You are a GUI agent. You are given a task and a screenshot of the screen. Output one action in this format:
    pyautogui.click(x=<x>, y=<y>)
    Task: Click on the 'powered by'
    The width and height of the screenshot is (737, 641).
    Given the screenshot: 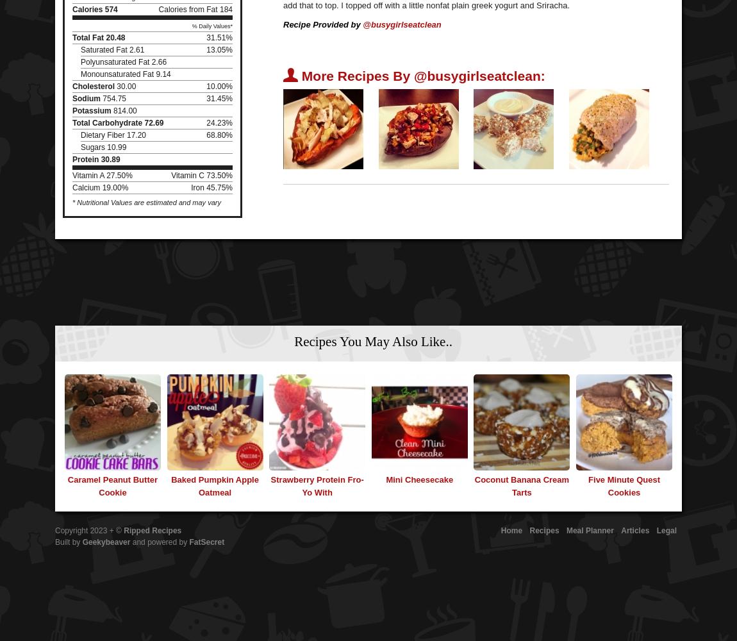 What is the action you would take?
    pyautogui.click(x=167, y=542)
    